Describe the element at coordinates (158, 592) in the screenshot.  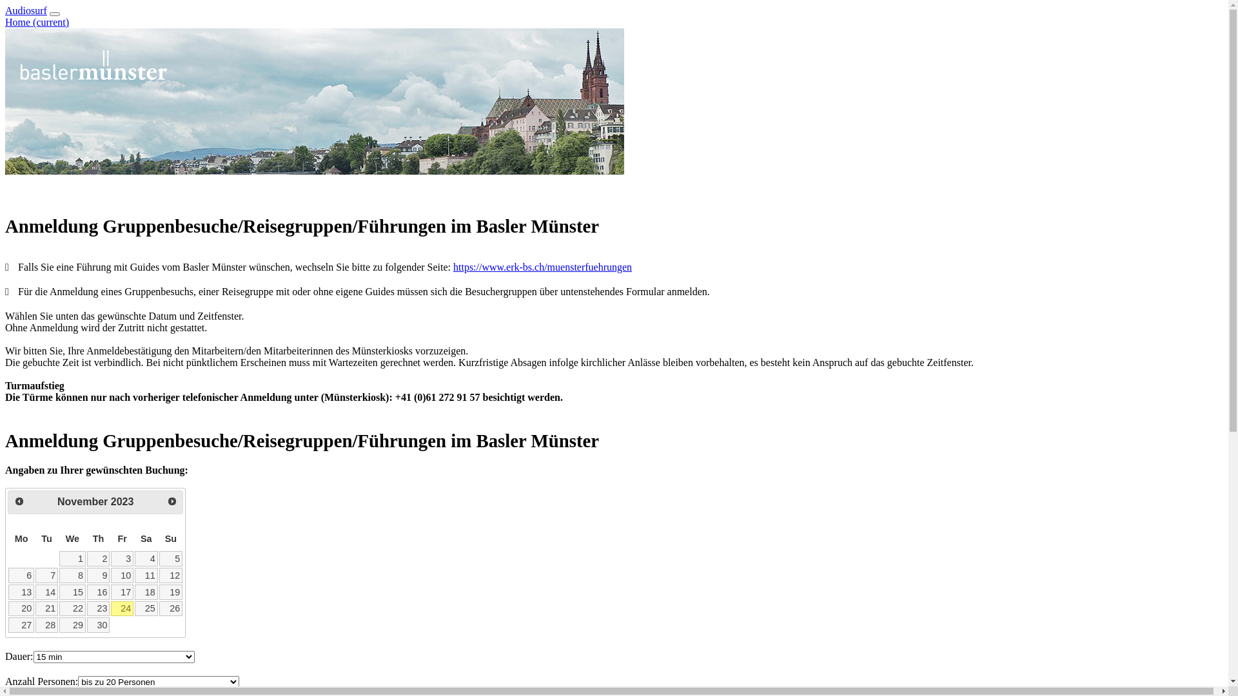
I see `'19'` at that location.